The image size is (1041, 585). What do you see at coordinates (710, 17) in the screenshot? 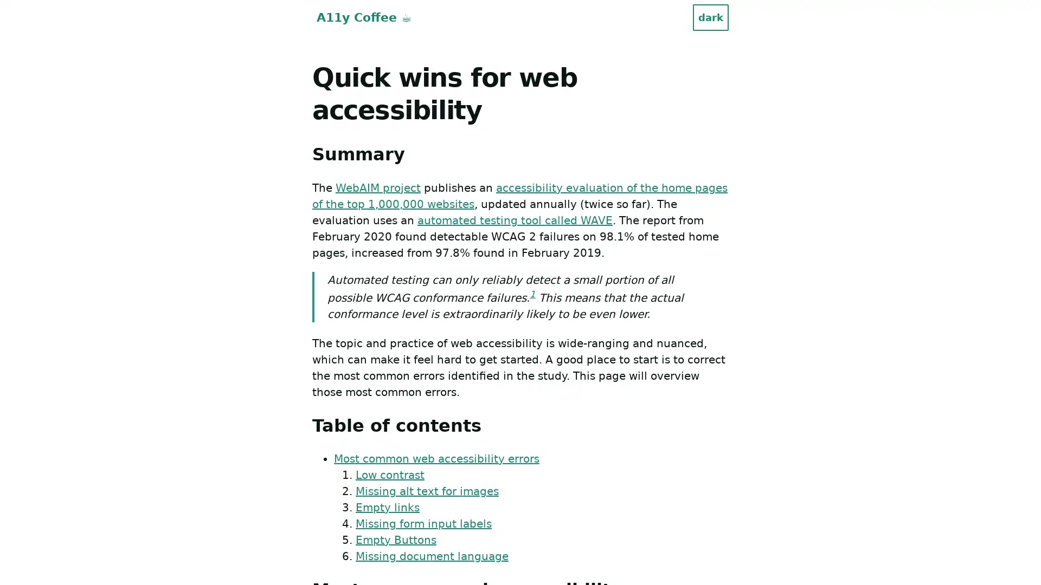
I see `dark` at bounding box center [710, 17].